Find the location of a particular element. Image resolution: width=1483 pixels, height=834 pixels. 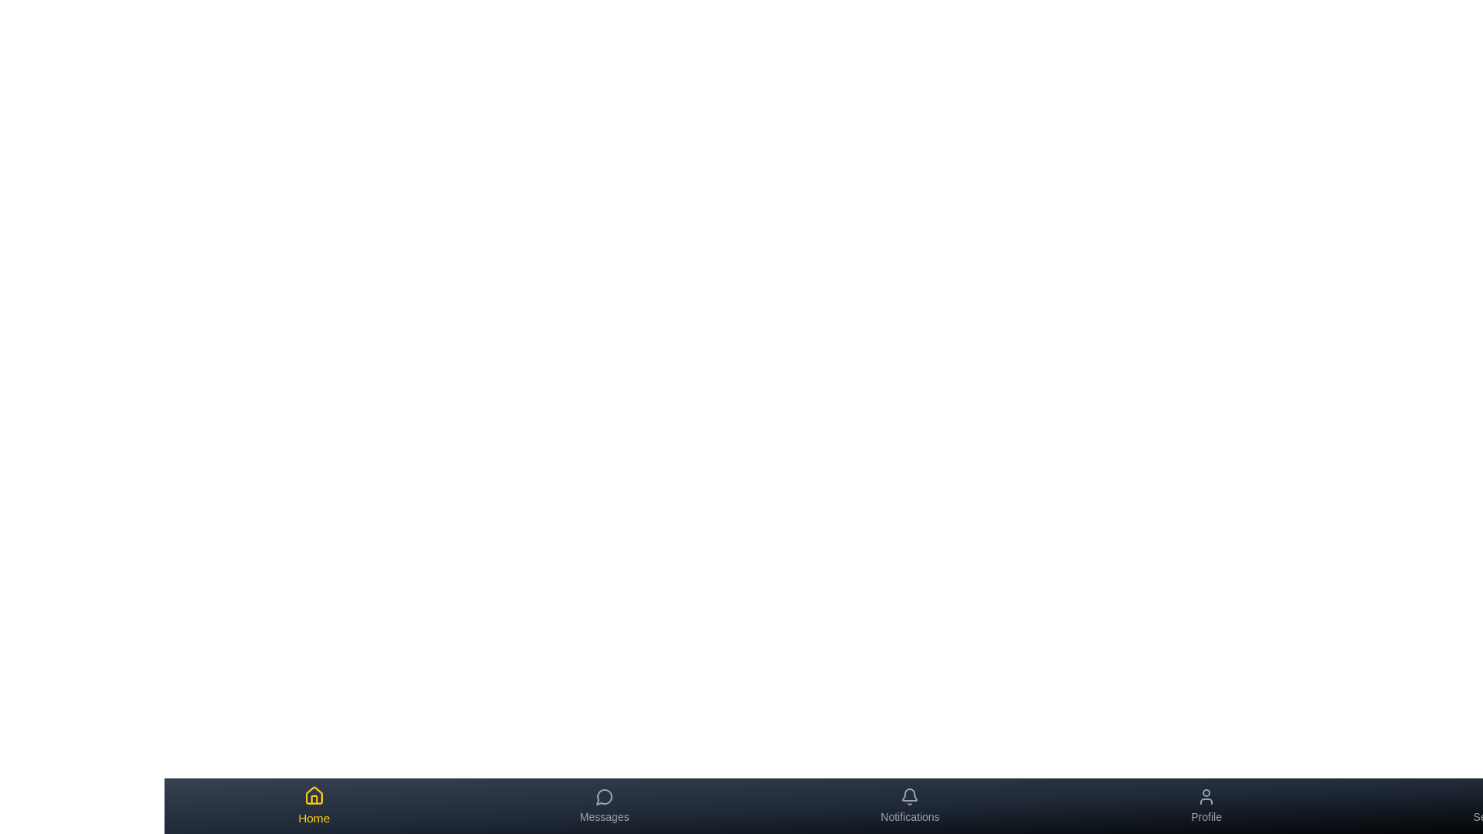

the tab labeled Messages to view its hover effect is located at coordinates (603, 805).